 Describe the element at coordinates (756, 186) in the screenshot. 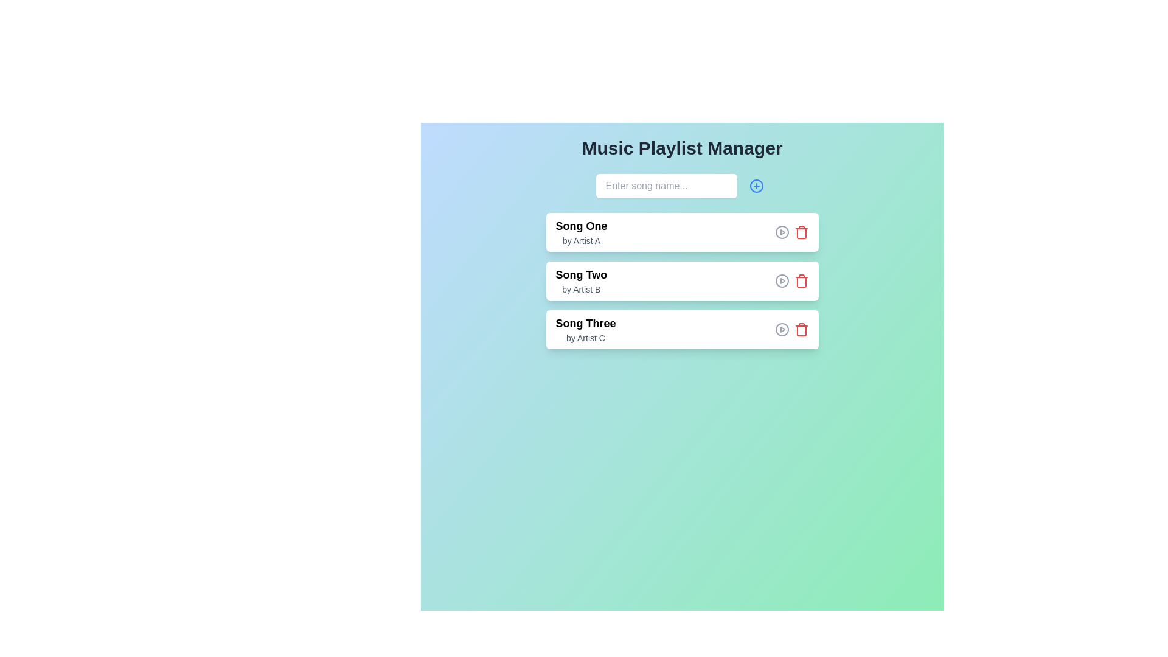

I see `the 'Add New Item' button located to the right of the 'Enter song name...' text input field` at that location.